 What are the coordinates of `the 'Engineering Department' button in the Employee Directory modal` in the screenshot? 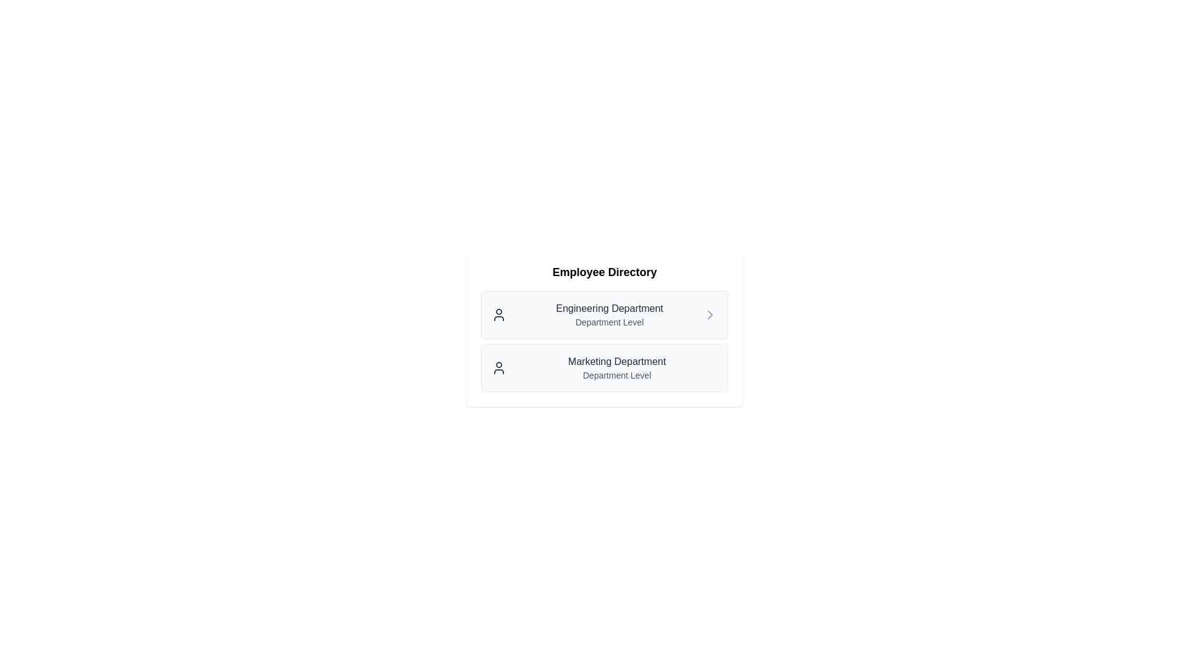 It's located at (605, 327).